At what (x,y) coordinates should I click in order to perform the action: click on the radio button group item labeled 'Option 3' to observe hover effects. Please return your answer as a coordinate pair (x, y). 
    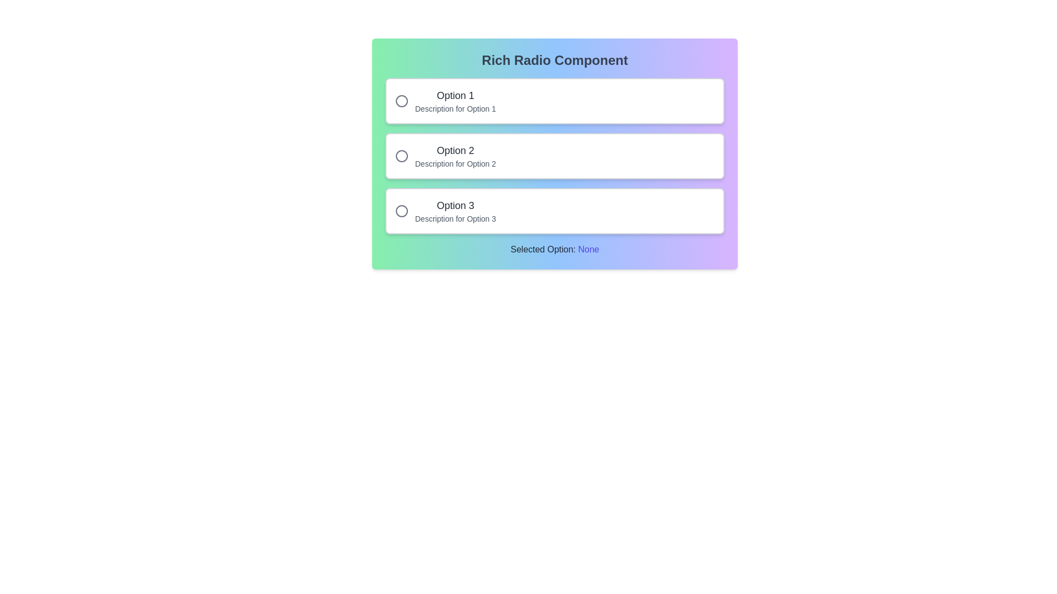
    Looking at the image, I should click on (555, 211).